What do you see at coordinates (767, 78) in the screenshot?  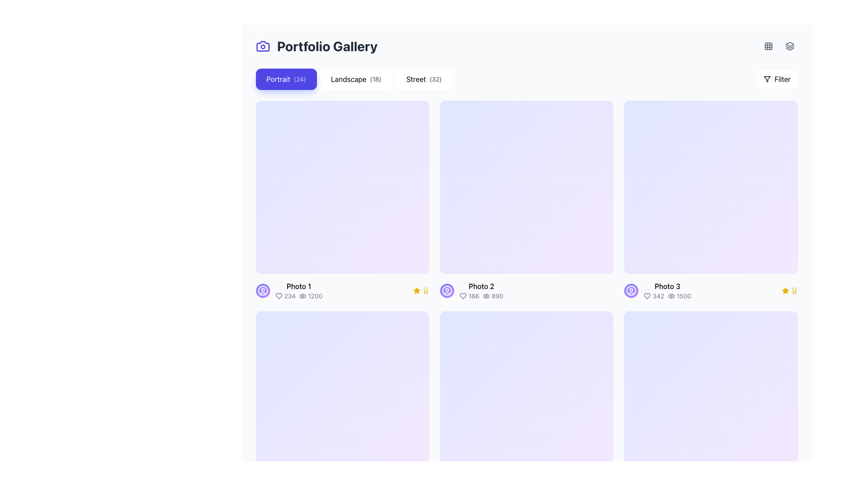 I see `the filter icon, which is an inverted triangle shape outlined and located within the 'Filter' button in the top-right section of the interface` at bounding box center [767, 78].